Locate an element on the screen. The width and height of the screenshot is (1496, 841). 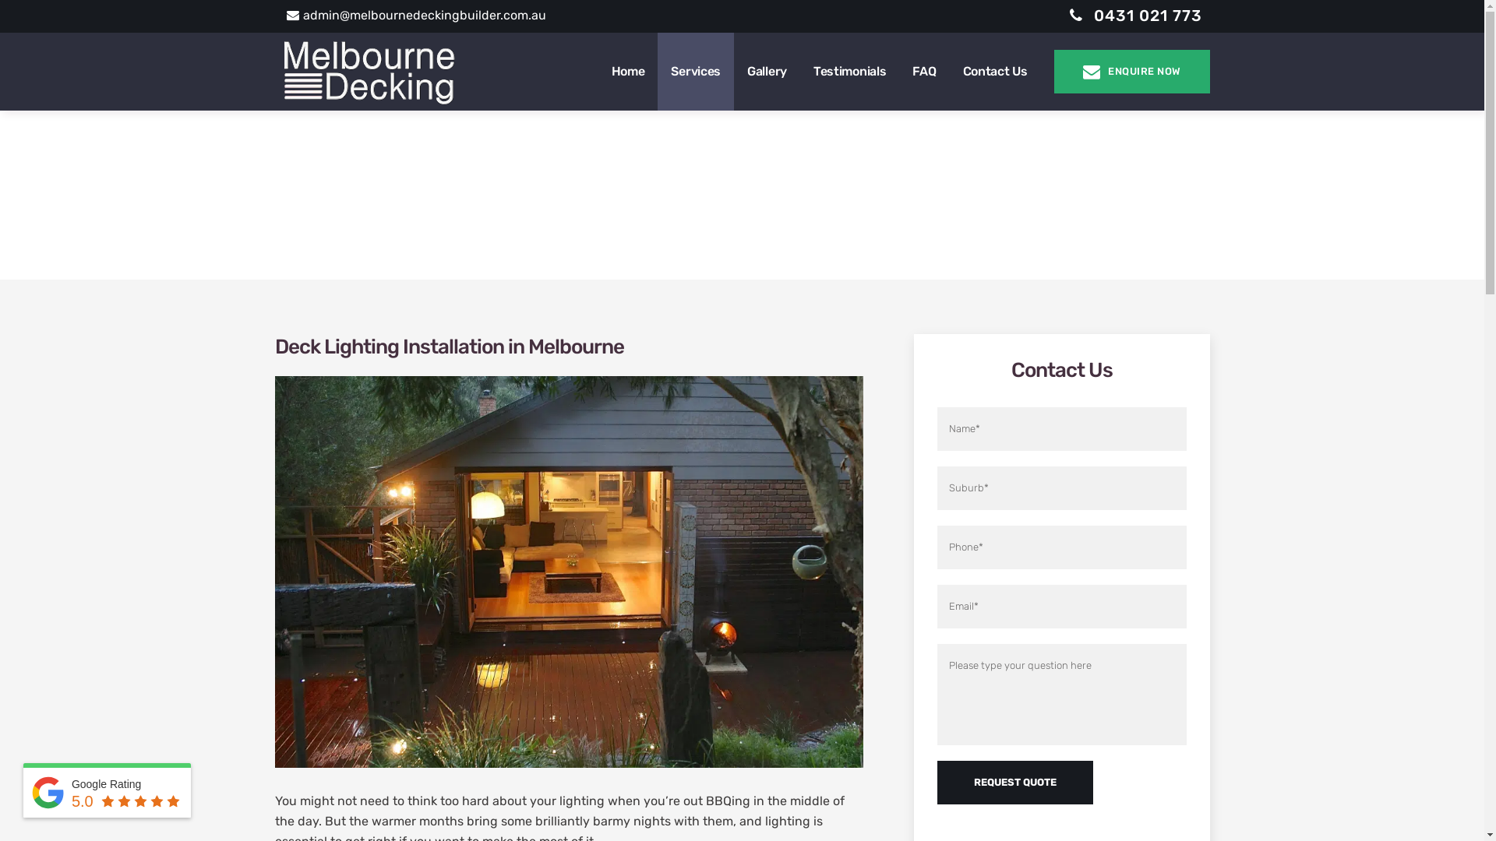
'ENQUIRE NOW' is located at coordinates (1053, 72).